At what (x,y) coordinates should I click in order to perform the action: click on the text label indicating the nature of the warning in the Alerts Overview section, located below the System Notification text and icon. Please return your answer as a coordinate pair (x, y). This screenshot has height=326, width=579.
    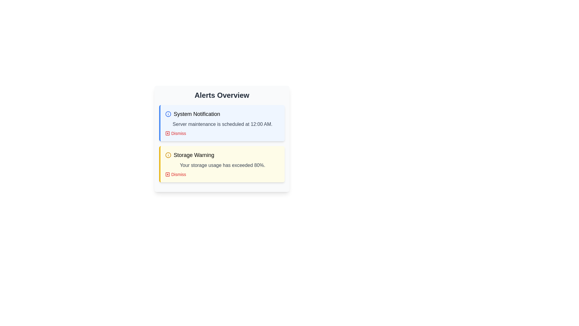
    Looking at the image, I should click on (194, 155).